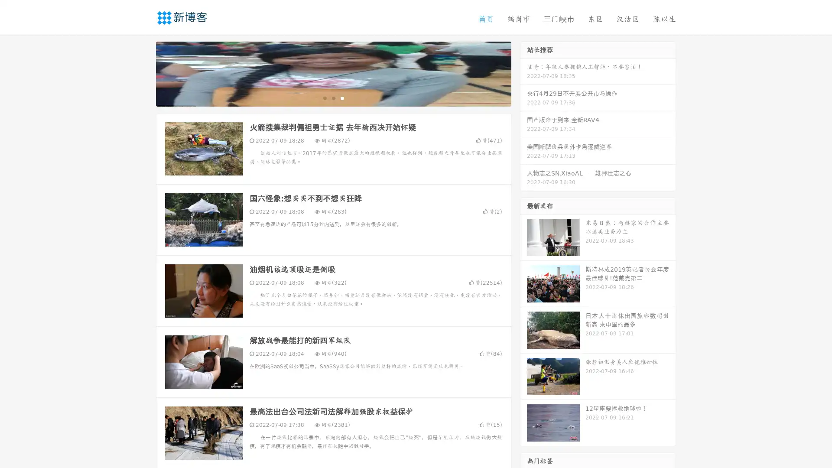 The height and width of the screenshot is (468, 832). I want to click on Next slide, so click(523, 73).